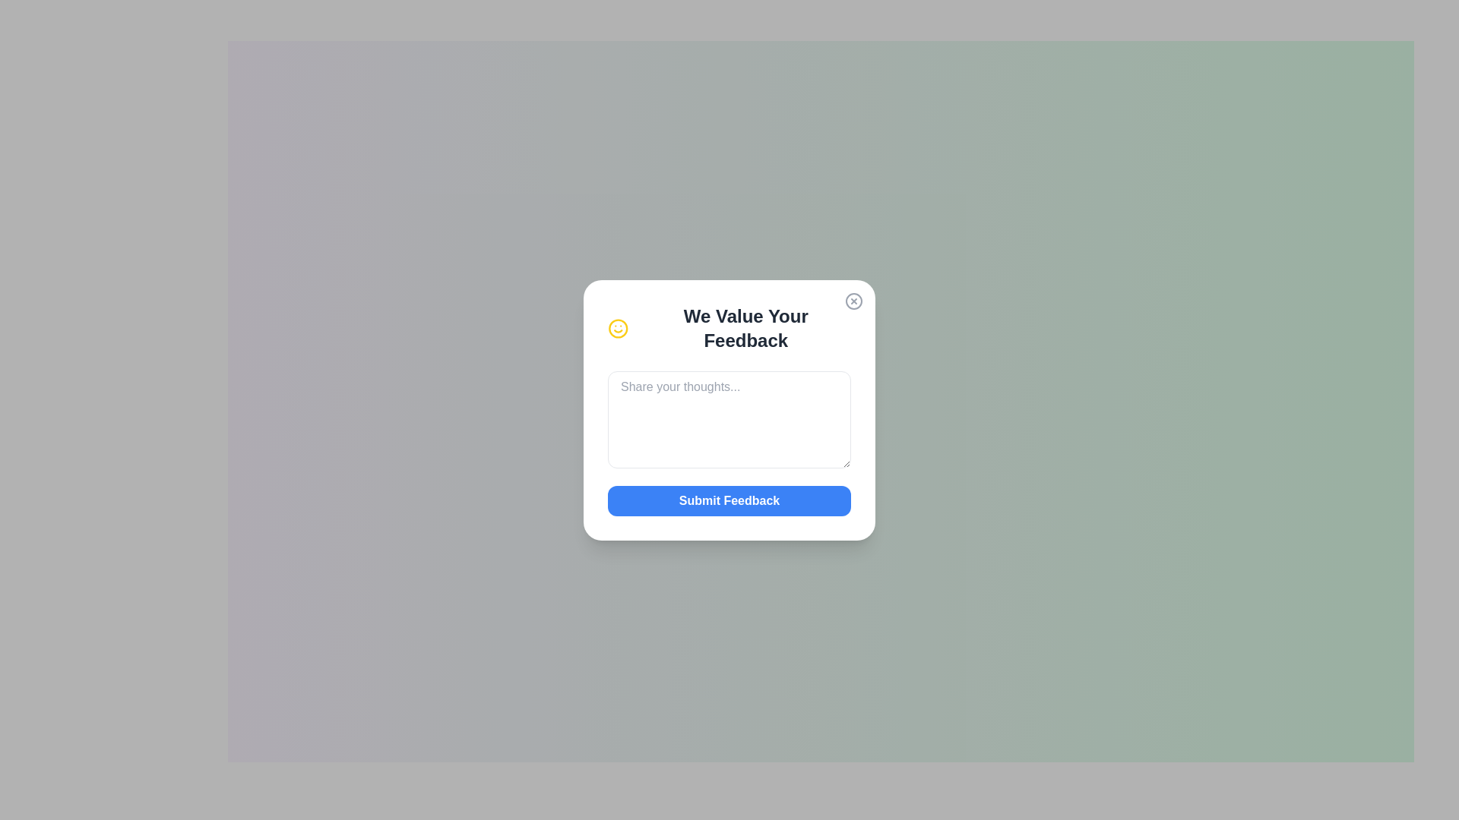 The height and width of the screenshot is (820, 1459). Describe the element at coordinates (853, 301) in the screenshot. I see `the SVG circle element located at the top-right corner of the feedback modal, which likely serves as a close or cancel button` at that location.